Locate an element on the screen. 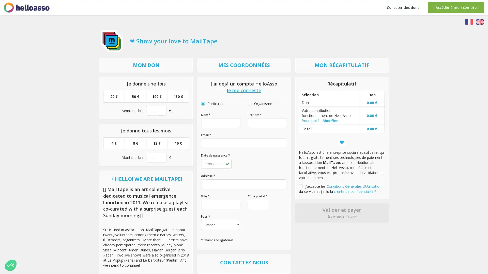 The width and height of the screenshot is (488, 274). Non merci is located at coordinates (23, 248).